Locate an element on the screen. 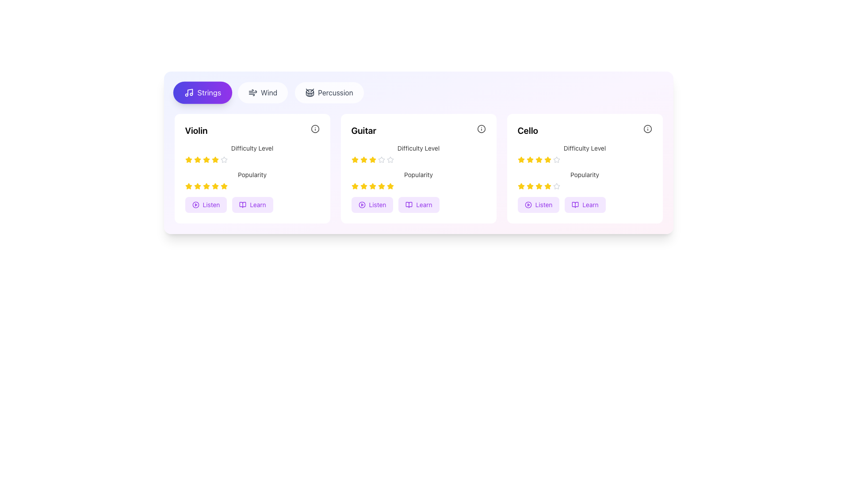  the 'Listen' label within the purple button on the guitar card is located at coordinates (378, 204).